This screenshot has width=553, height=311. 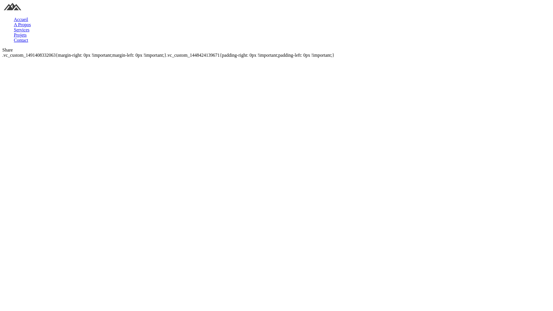 What do you see at coordinates (14, 35) in the screenshot?
I see `'Projets'` at bounding box center [14, 35].